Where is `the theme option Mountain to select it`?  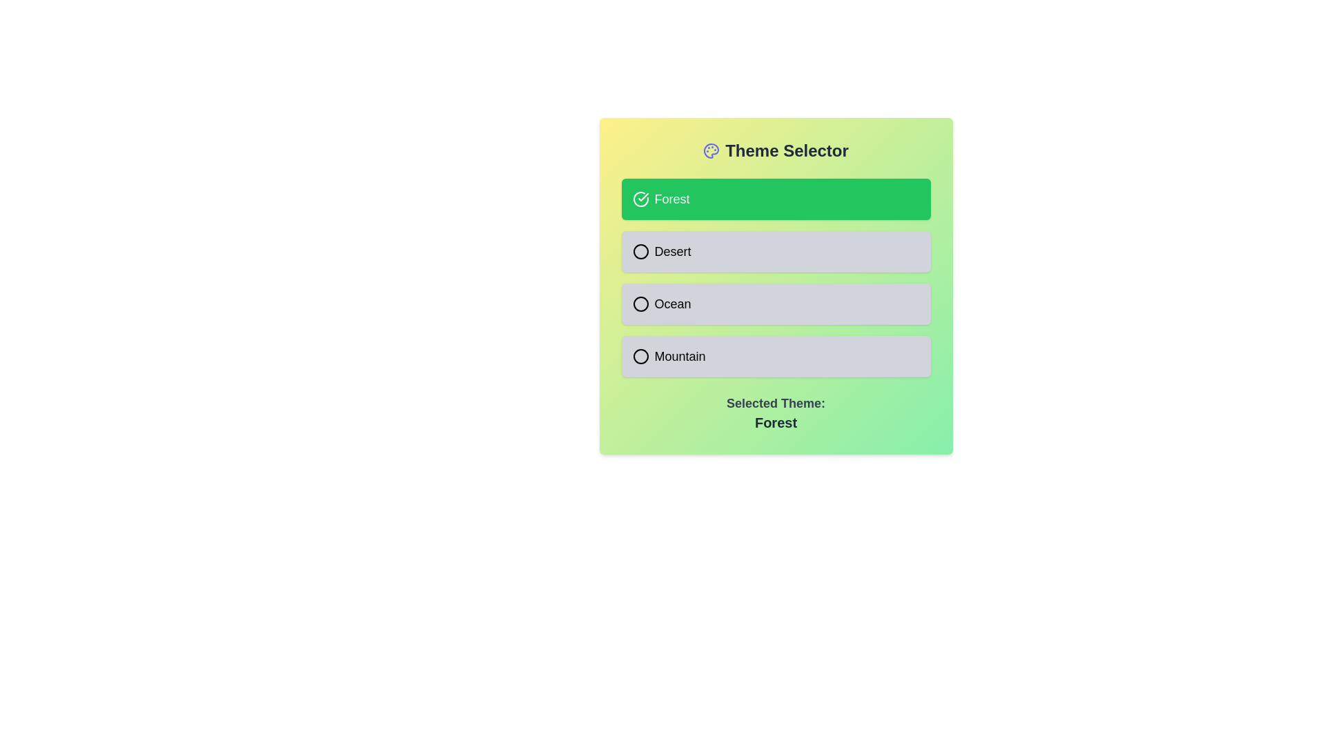 the theme option Mountain to select it is located at coordinates (776, 355).